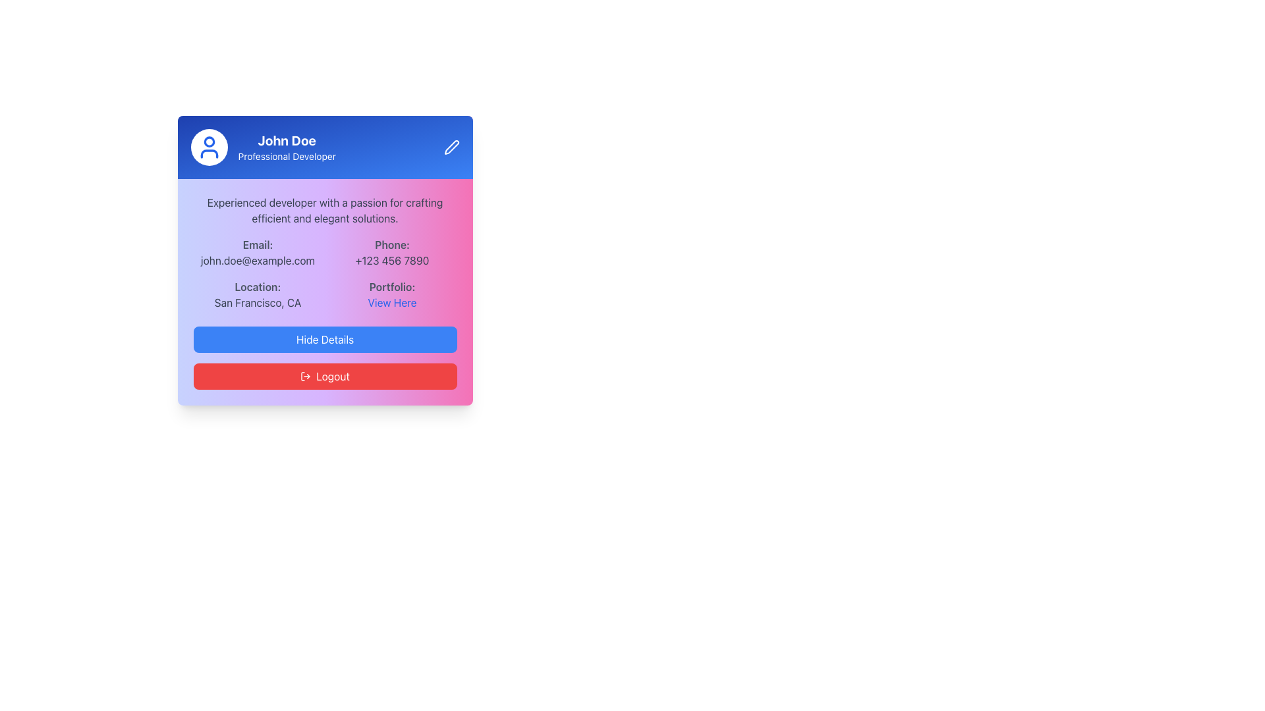  What do you see at coordinates (208, 147) in the screenshot?
I see `the Decorative Icon with a rounded white background and a blue user outline, located in the header area of the card adjacent to 'John Doe' and 'Professional Developer'` at bounding box center [208, 147].